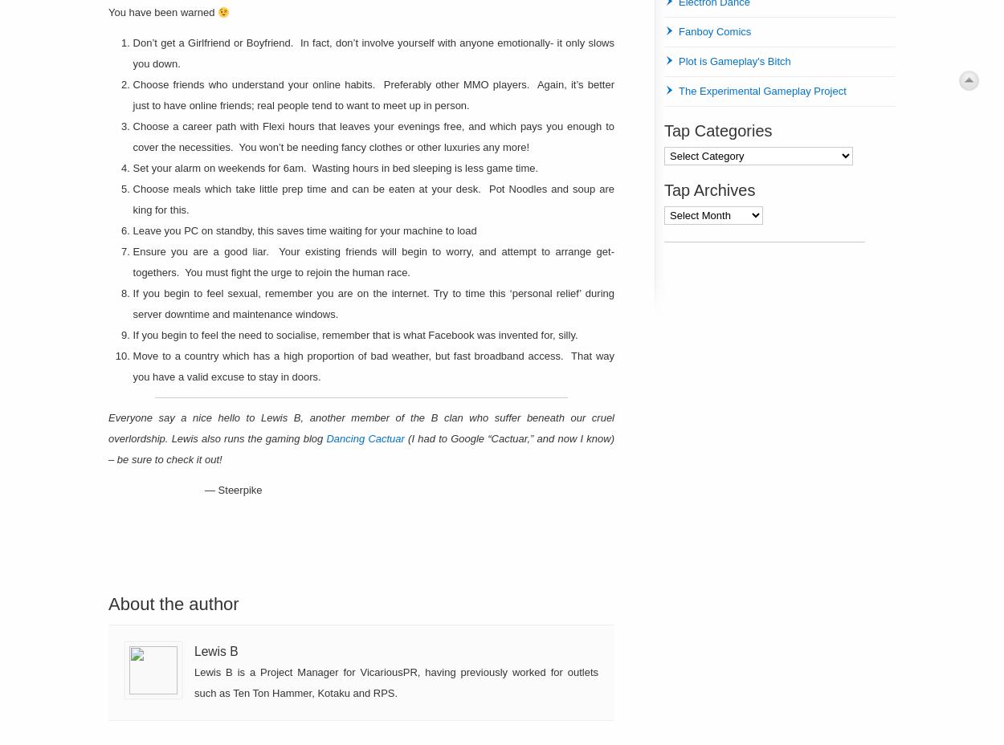  Describe the element at coordinates (335, 168) in the screenshot. I see `'Set your alarm on weekends for 6am.  Wasting hours in bed sleeping is less game time.'` at that location.